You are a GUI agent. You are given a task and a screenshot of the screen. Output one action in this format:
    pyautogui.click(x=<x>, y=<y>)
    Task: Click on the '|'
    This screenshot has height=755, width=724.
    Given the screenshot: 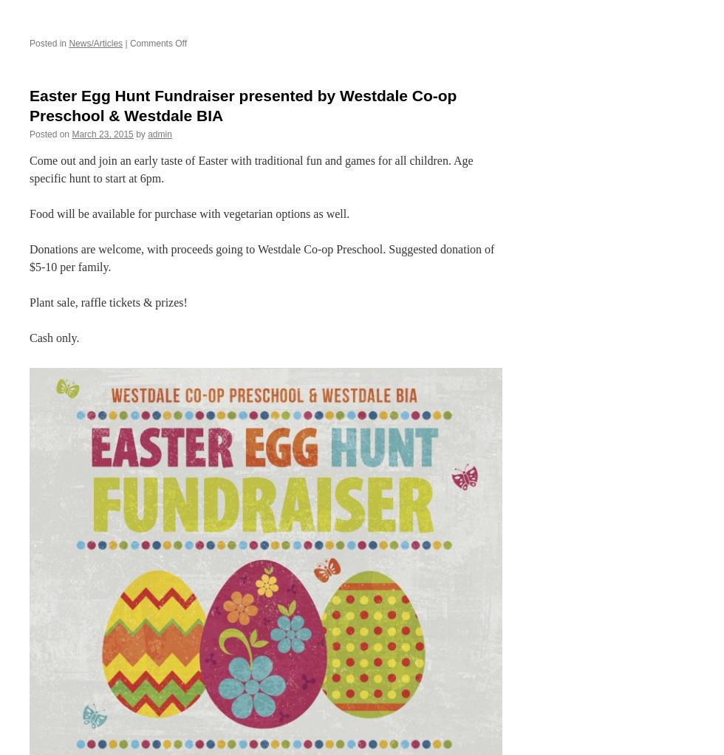 What is the action you would take?
    pyautogui.click(x=126, y=43)
    